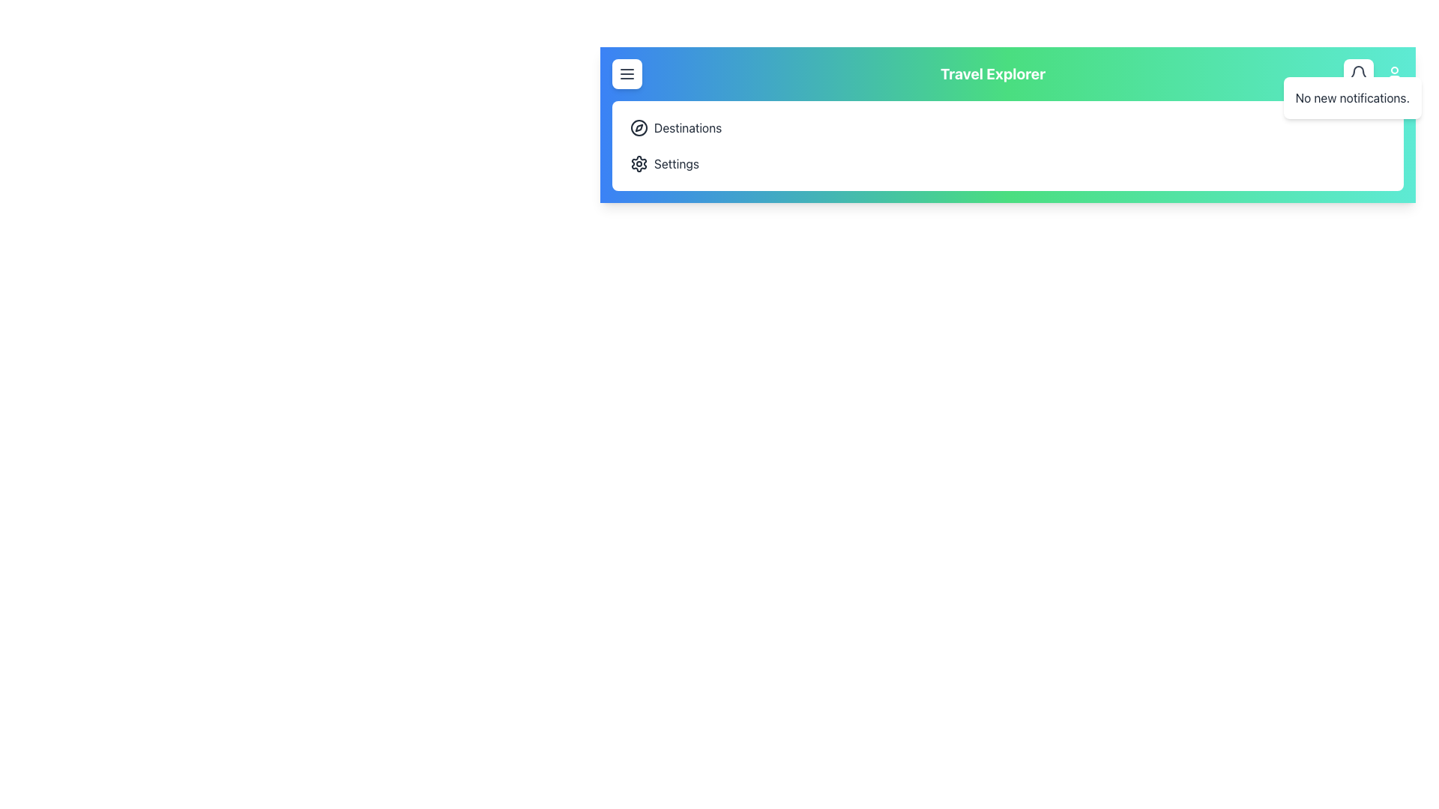  What do you see at coordinates (992, 74) in the screenshot?
I see `the 'Travel Explorer' text label, which is prominently displayed in bold white font against a gradient green background, centrally located in the navigation bar` at bounding box center [992, 74].